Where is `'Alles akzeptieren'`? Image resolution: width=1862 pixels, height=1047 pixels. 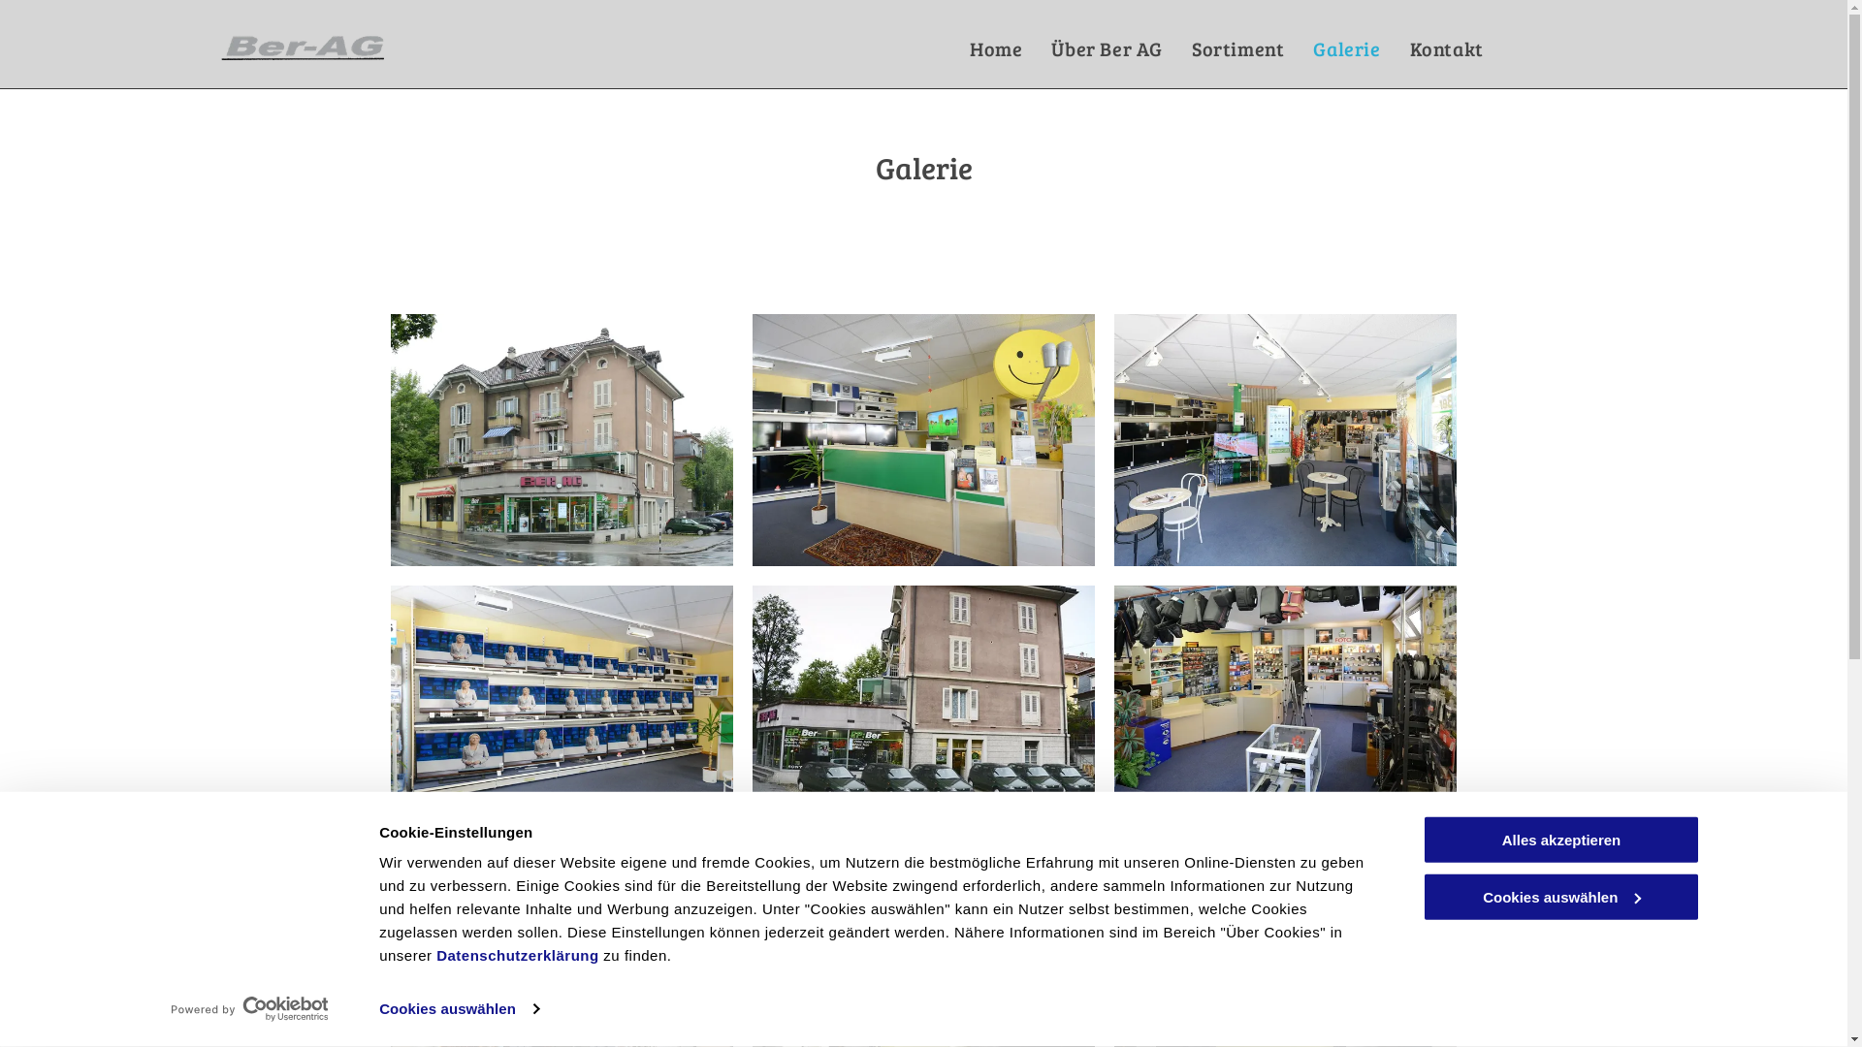 'Alles akzeptieren' is located at coordinates (1559, 839).